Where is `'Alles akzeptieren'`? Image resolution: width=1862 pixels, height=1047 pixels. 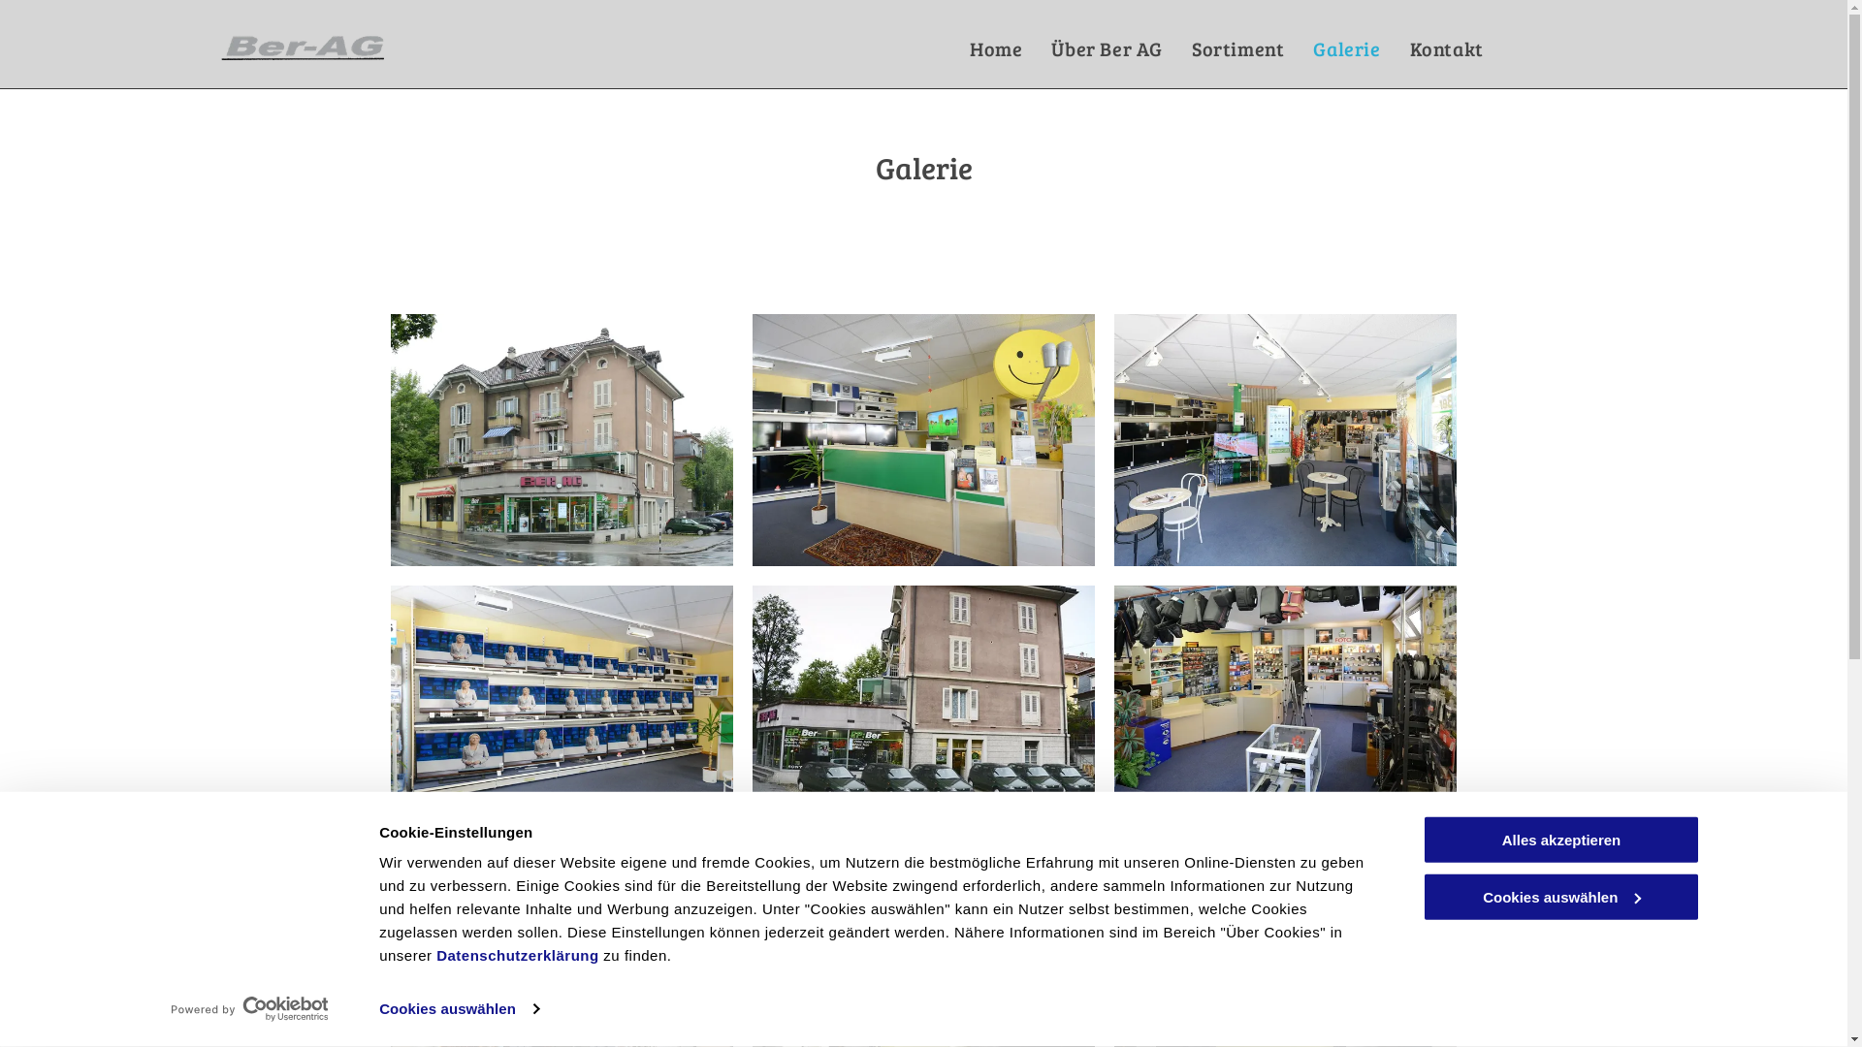 'Alles akzeptieren' is located at coordinates (1559, 839).